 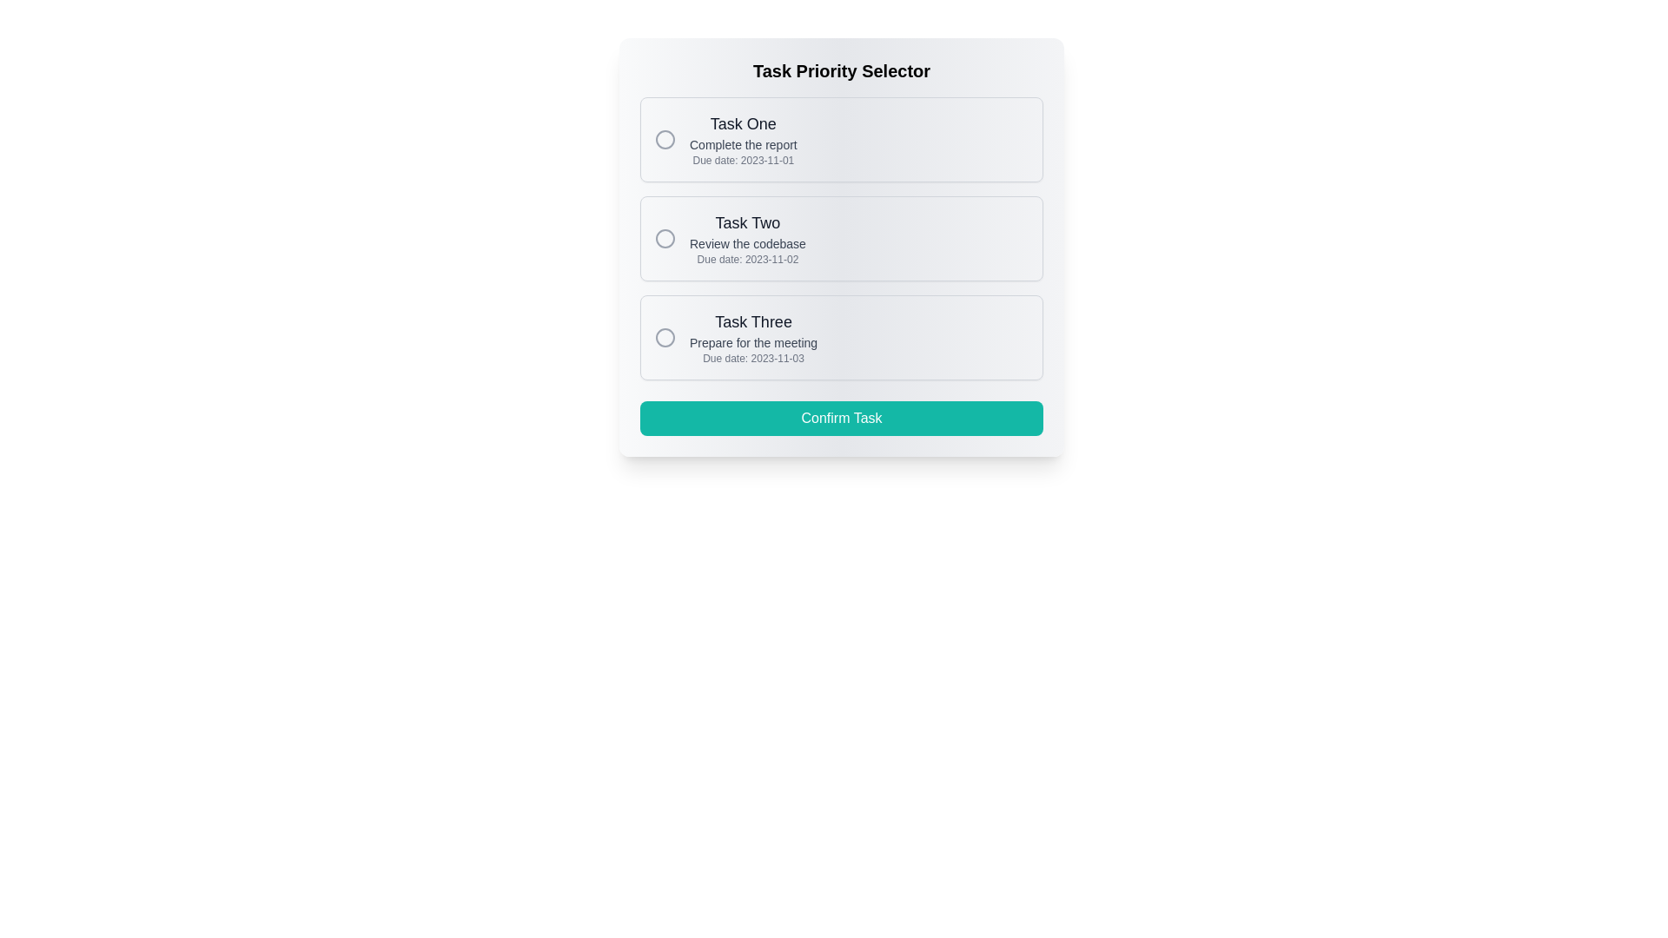 What do you see at coordinates (747, 238) in the screenshot?
I see `text displayed in the second task item, which includes its title, description, and due date` at bounding box center [747, 238].